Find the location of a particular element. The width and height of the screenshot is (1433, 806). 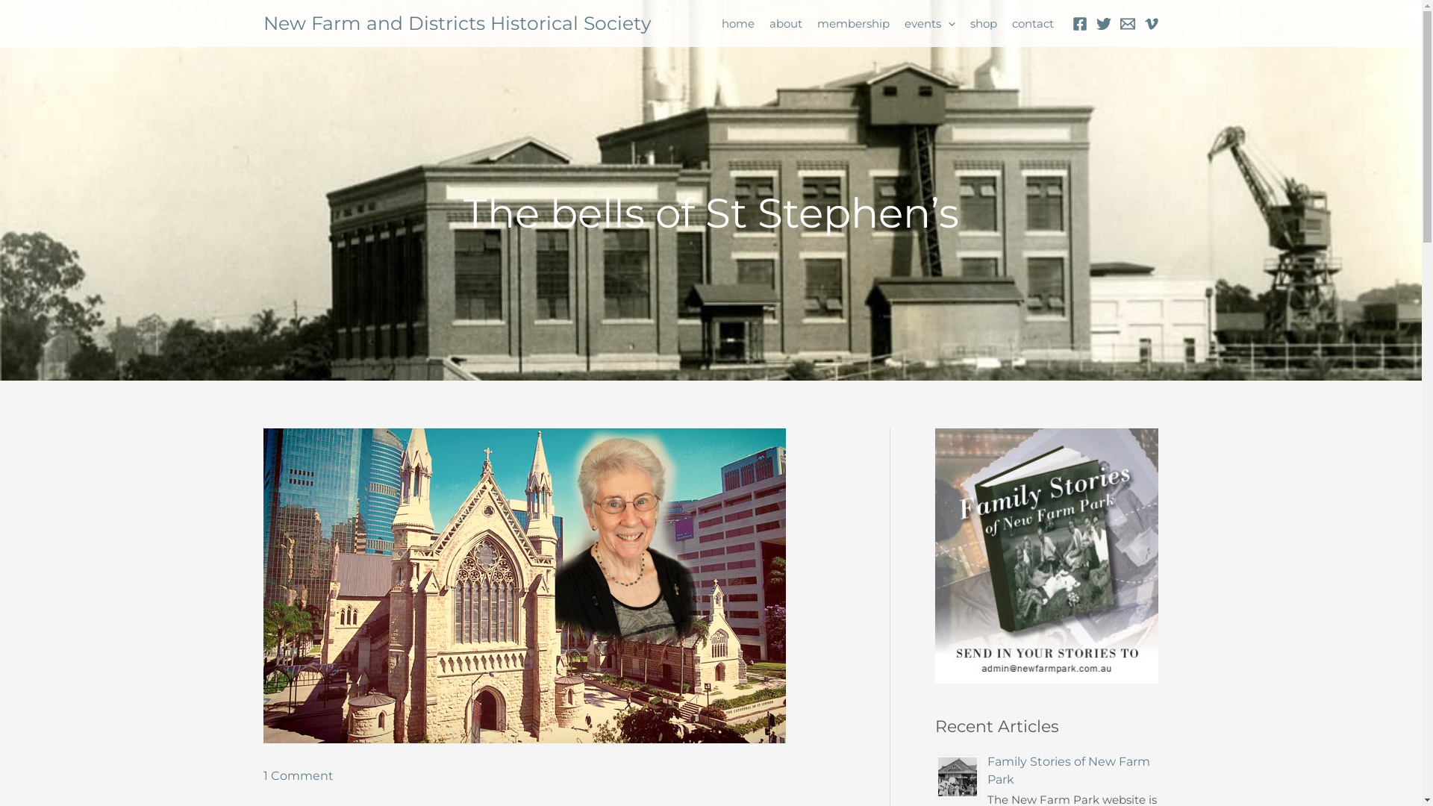

'New Farm and Districts Historical Society' is located at coordinates (455, 22).